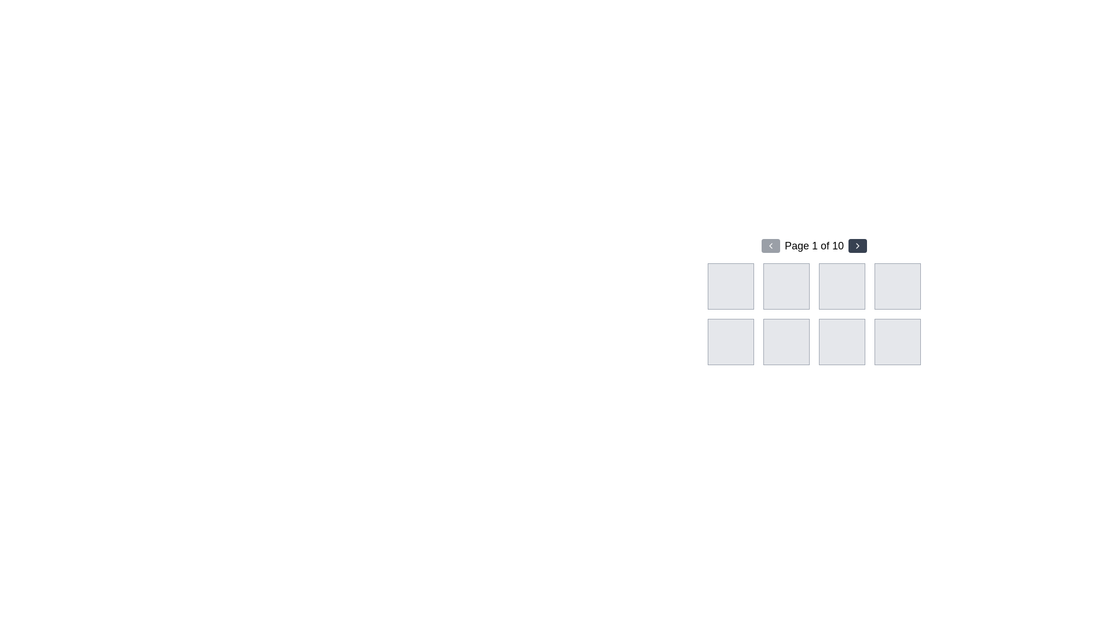 The image size is (1112, 625). What do you see at coordinates (730, 341) in the screenshot?
I see `the empty placeholder box located in the first column of the second row in a 4x2 grid layout` at bounding box center [730, 341].